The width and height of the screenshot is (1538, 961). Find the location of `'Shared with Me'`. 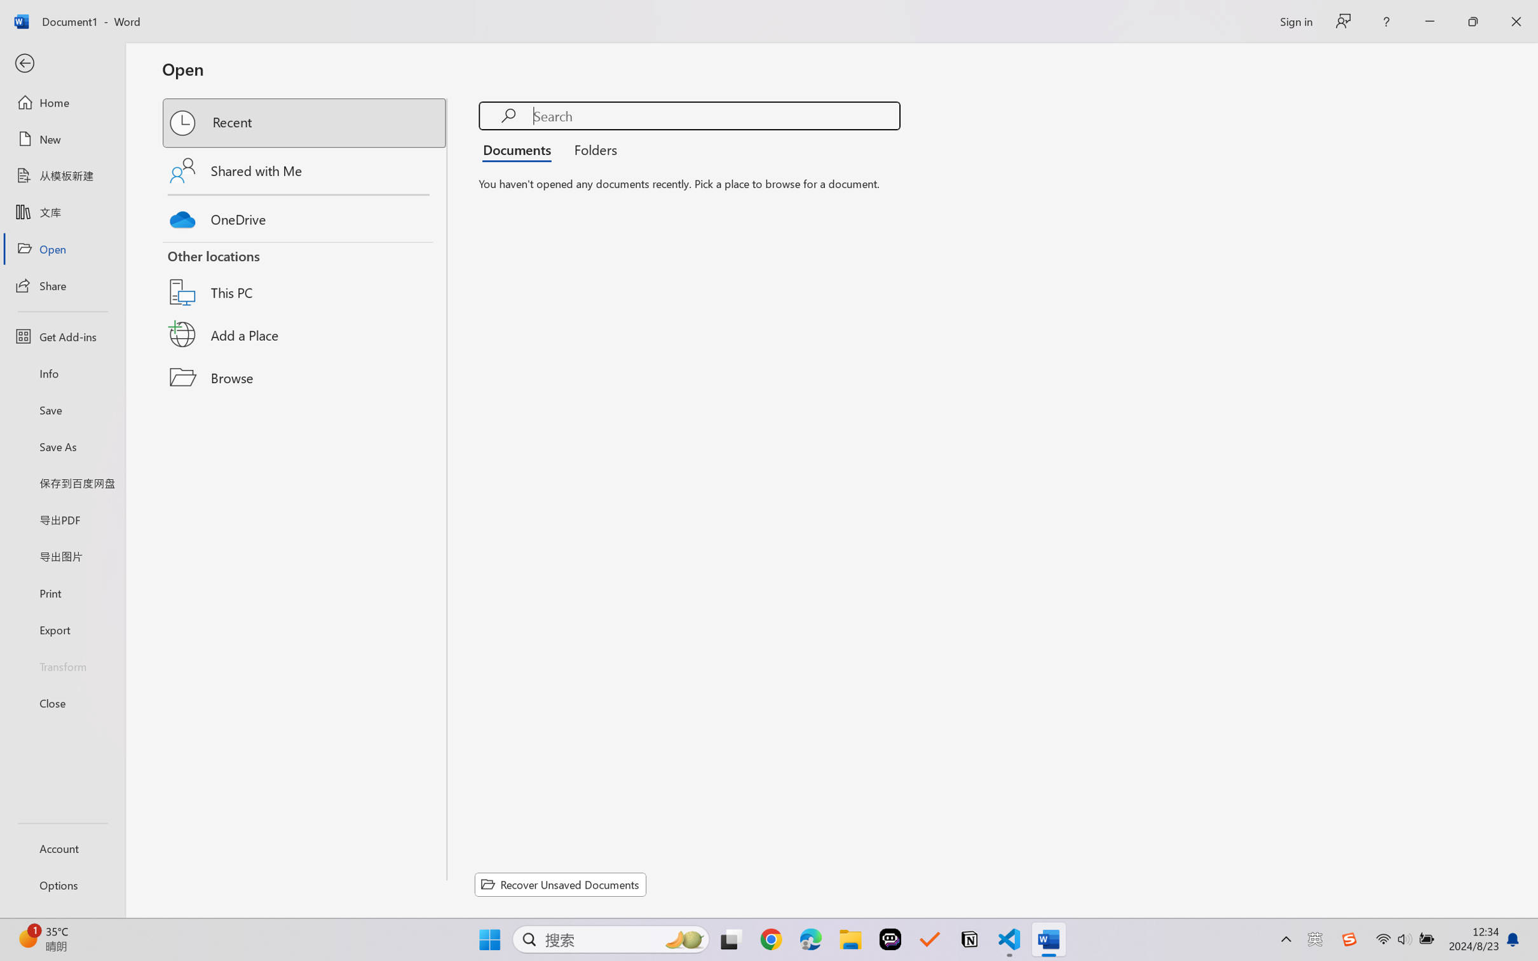

'Shared with Me' is located at coordinates (305, 170).